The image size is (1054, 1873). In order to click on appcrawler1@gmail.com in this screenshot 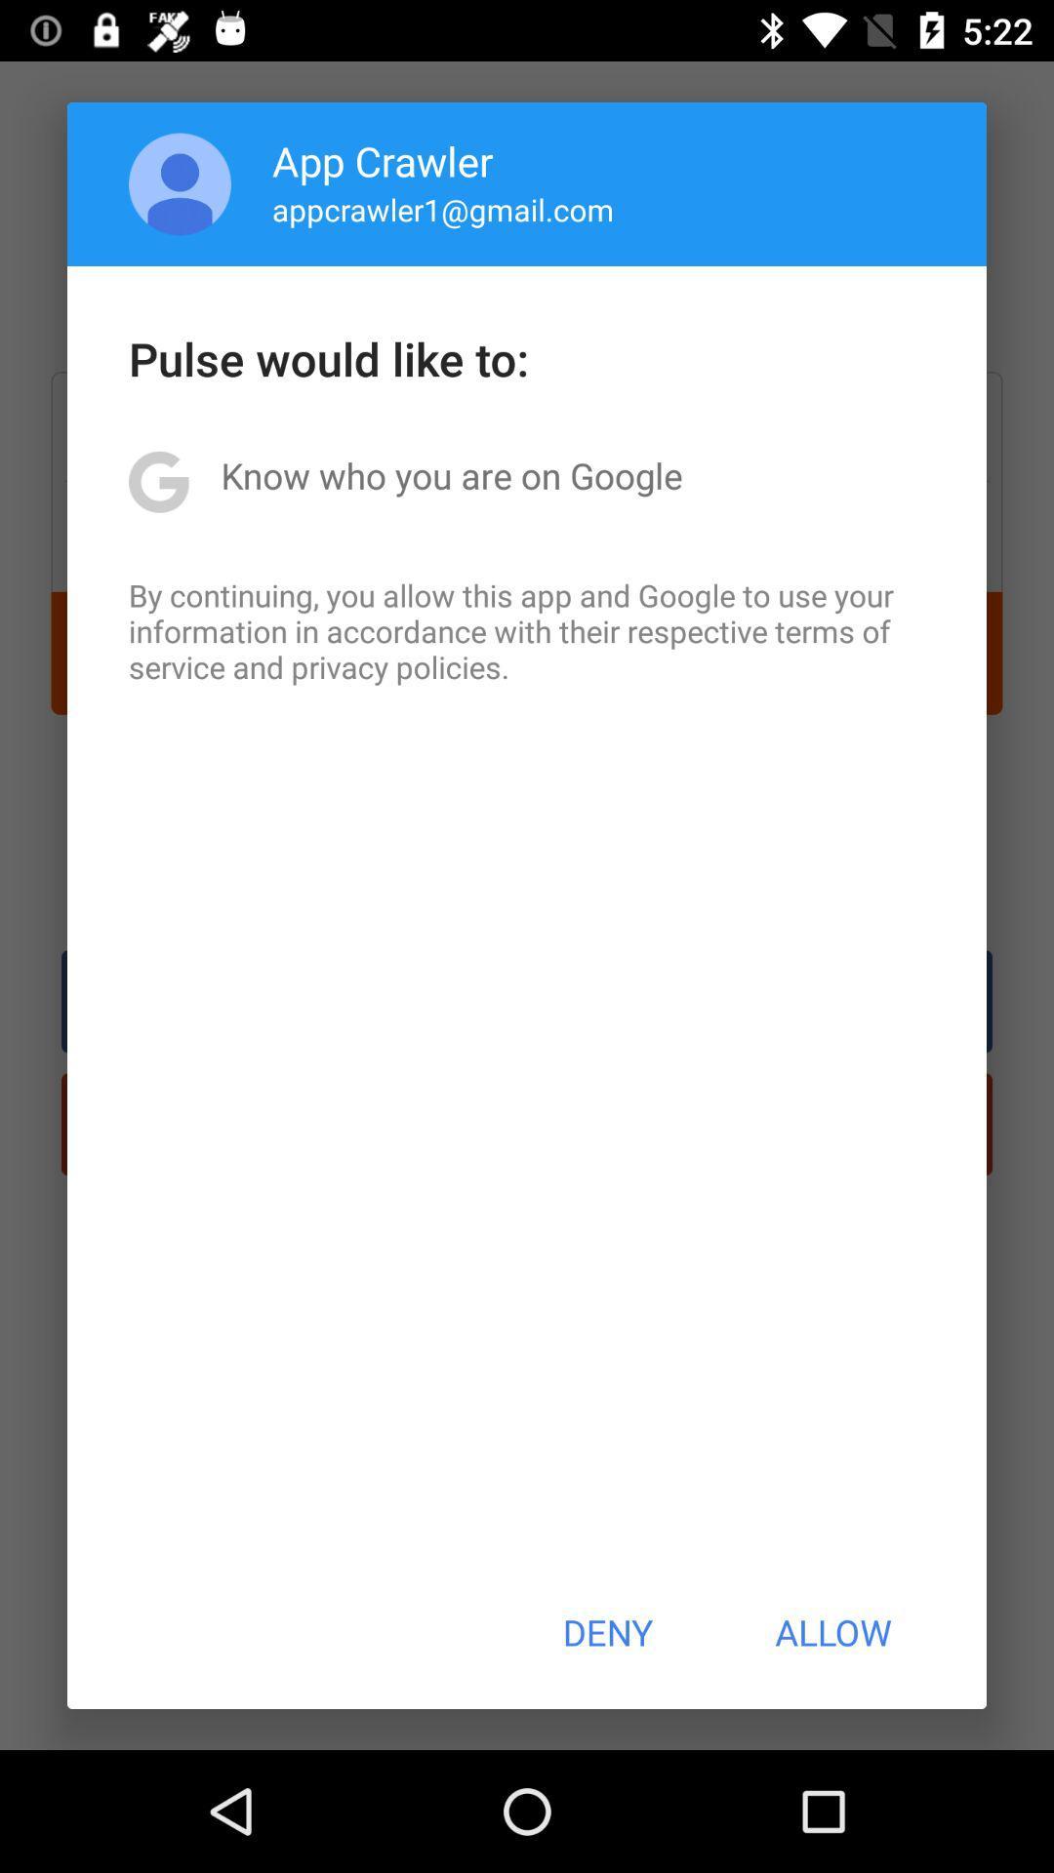, I will do `click(443, 209)`.